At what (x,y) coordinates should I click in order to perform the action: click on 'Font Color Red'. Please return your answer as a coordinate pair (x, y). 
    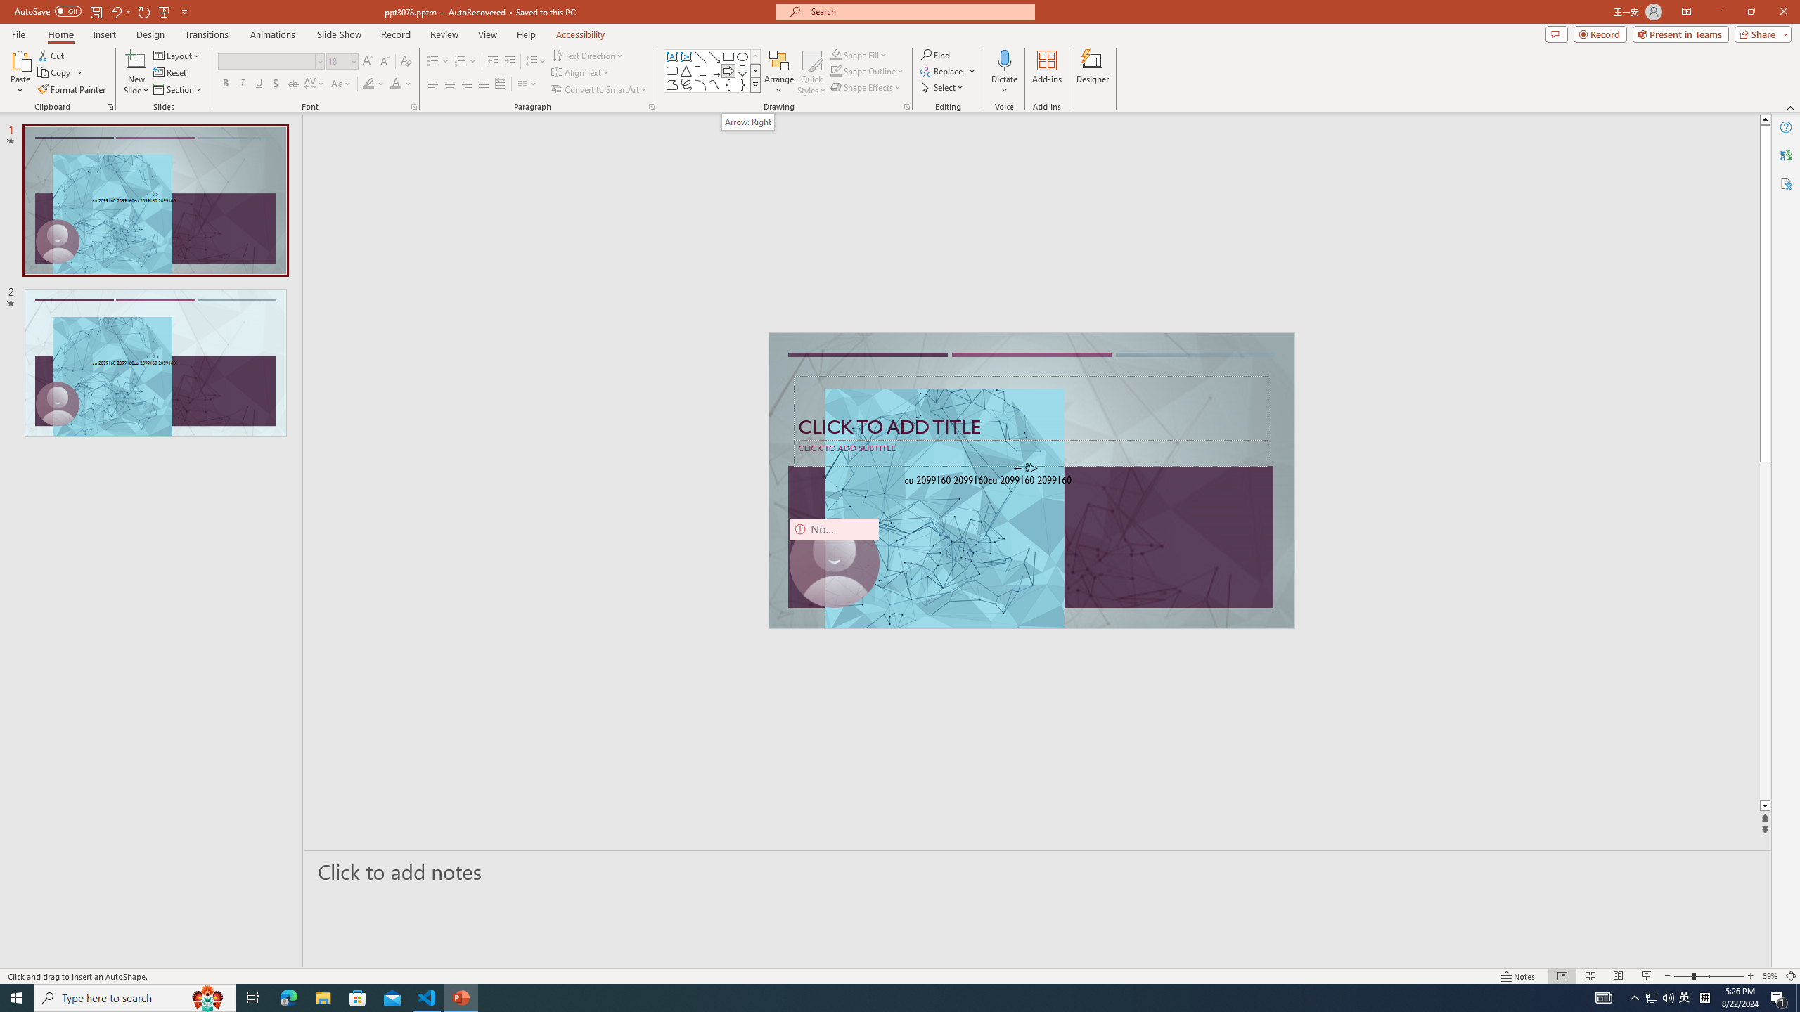
    Looking at the image, I should click on (395, 83).